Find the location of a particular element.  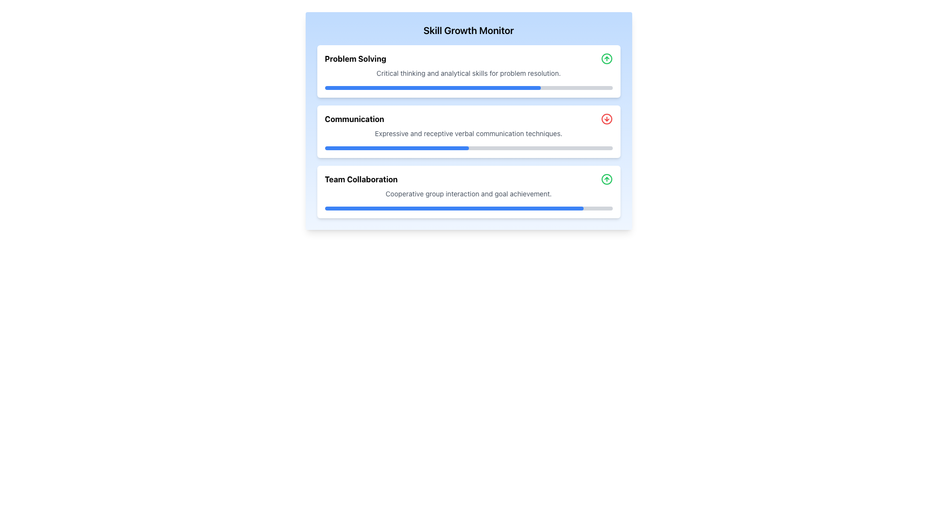

the Progress Bar Segment that visually represents 75% completion within the 'Problem Solving' category is located at coordinates (432, 88).